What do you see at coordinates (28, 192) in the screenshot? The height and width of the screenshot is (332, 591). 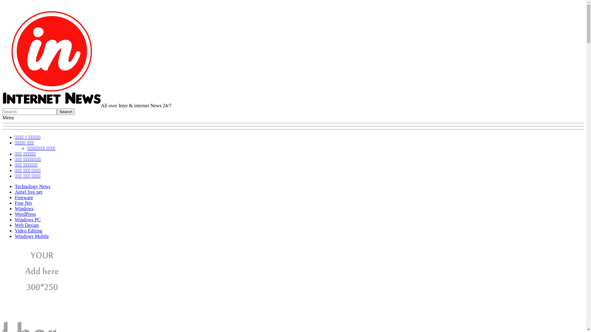 I see `'Airtel free net'` at bounding box center [28, 192].